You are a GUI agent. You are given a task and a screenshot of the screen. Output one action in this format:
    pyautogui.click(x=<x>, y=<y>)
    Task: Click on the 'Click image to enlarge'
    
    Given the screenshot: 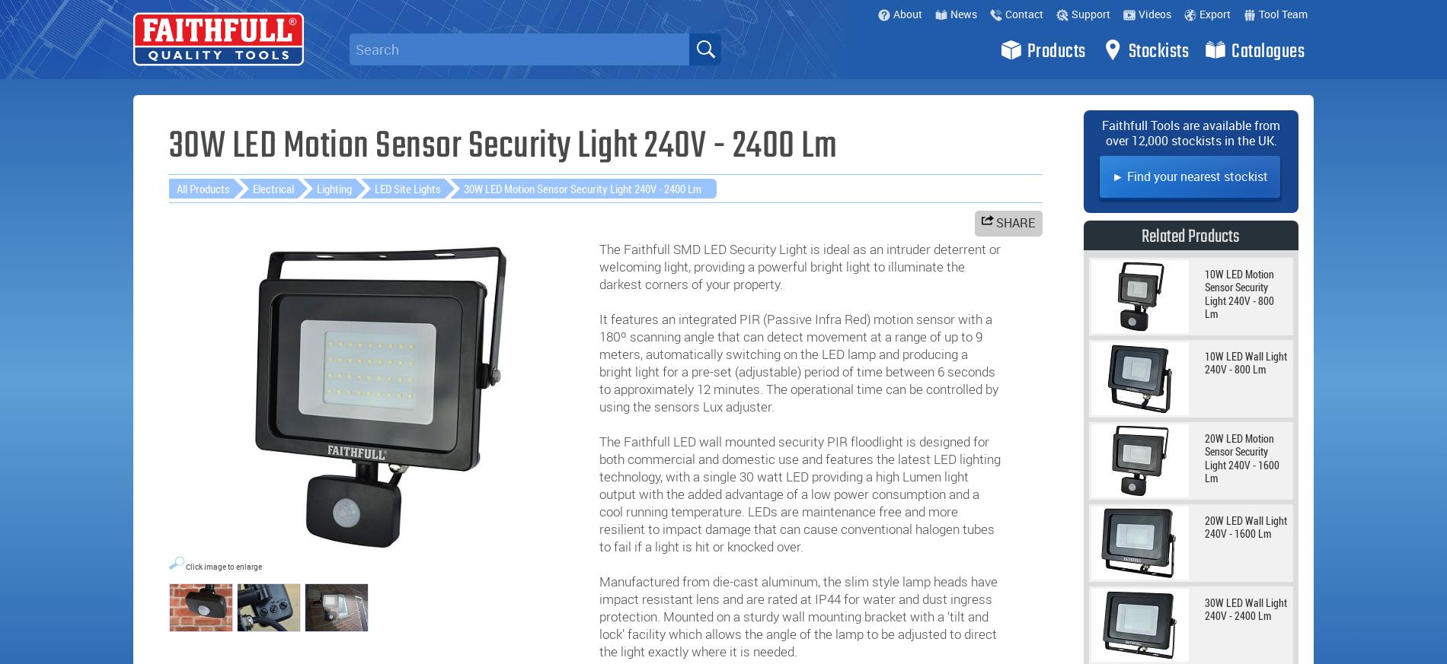 What is the action you would take?
    pyautogui.click(x=222, y=566)
    